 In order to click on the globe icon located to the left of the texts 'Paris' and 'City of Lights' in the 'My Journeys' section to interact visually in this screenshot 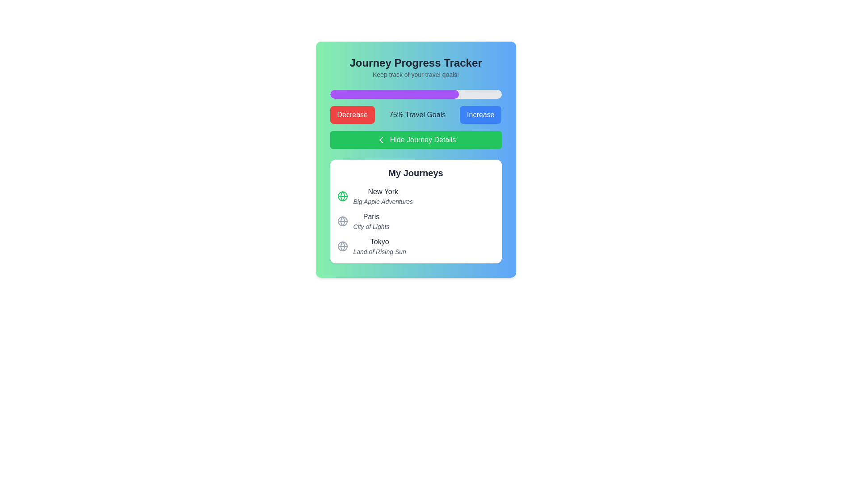, I will do `click(342, 221)`.